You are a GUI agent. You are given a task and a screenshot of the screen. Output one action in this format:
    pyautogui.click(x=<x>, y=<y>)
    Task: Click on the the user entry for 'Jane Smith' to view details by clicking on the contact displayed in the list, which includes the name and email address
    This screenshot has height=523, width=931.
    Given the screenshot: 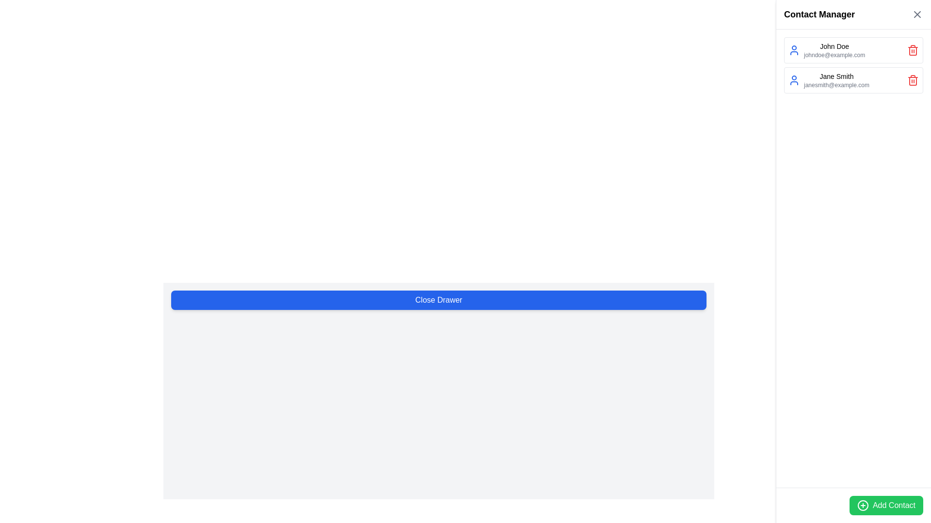 What is the action you would take?
    pyautogui.click(x=828, y=79)
    